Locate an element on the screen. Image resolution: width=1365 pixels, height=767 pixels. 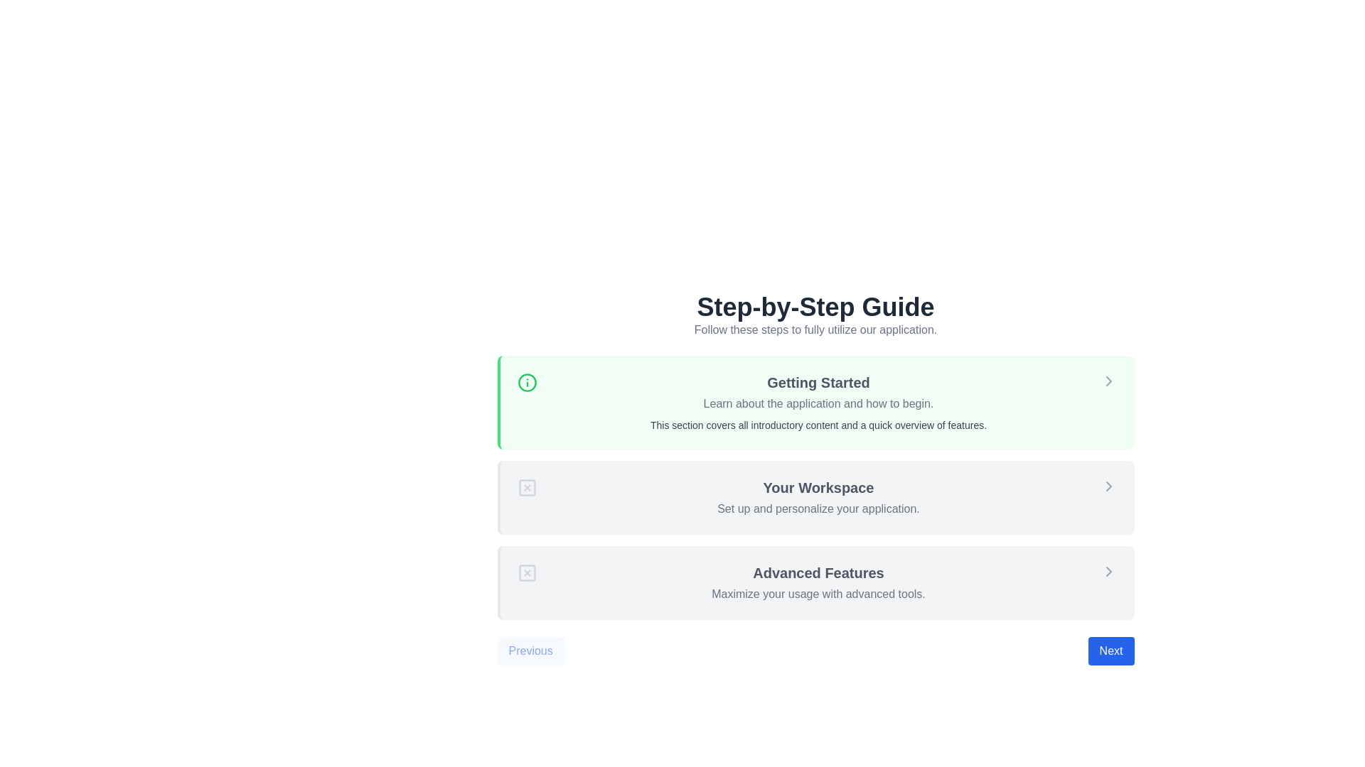
the second informational card located in the center column under the header 'Step-by-Step Guide' for more details is located at coordinates (815, 486).